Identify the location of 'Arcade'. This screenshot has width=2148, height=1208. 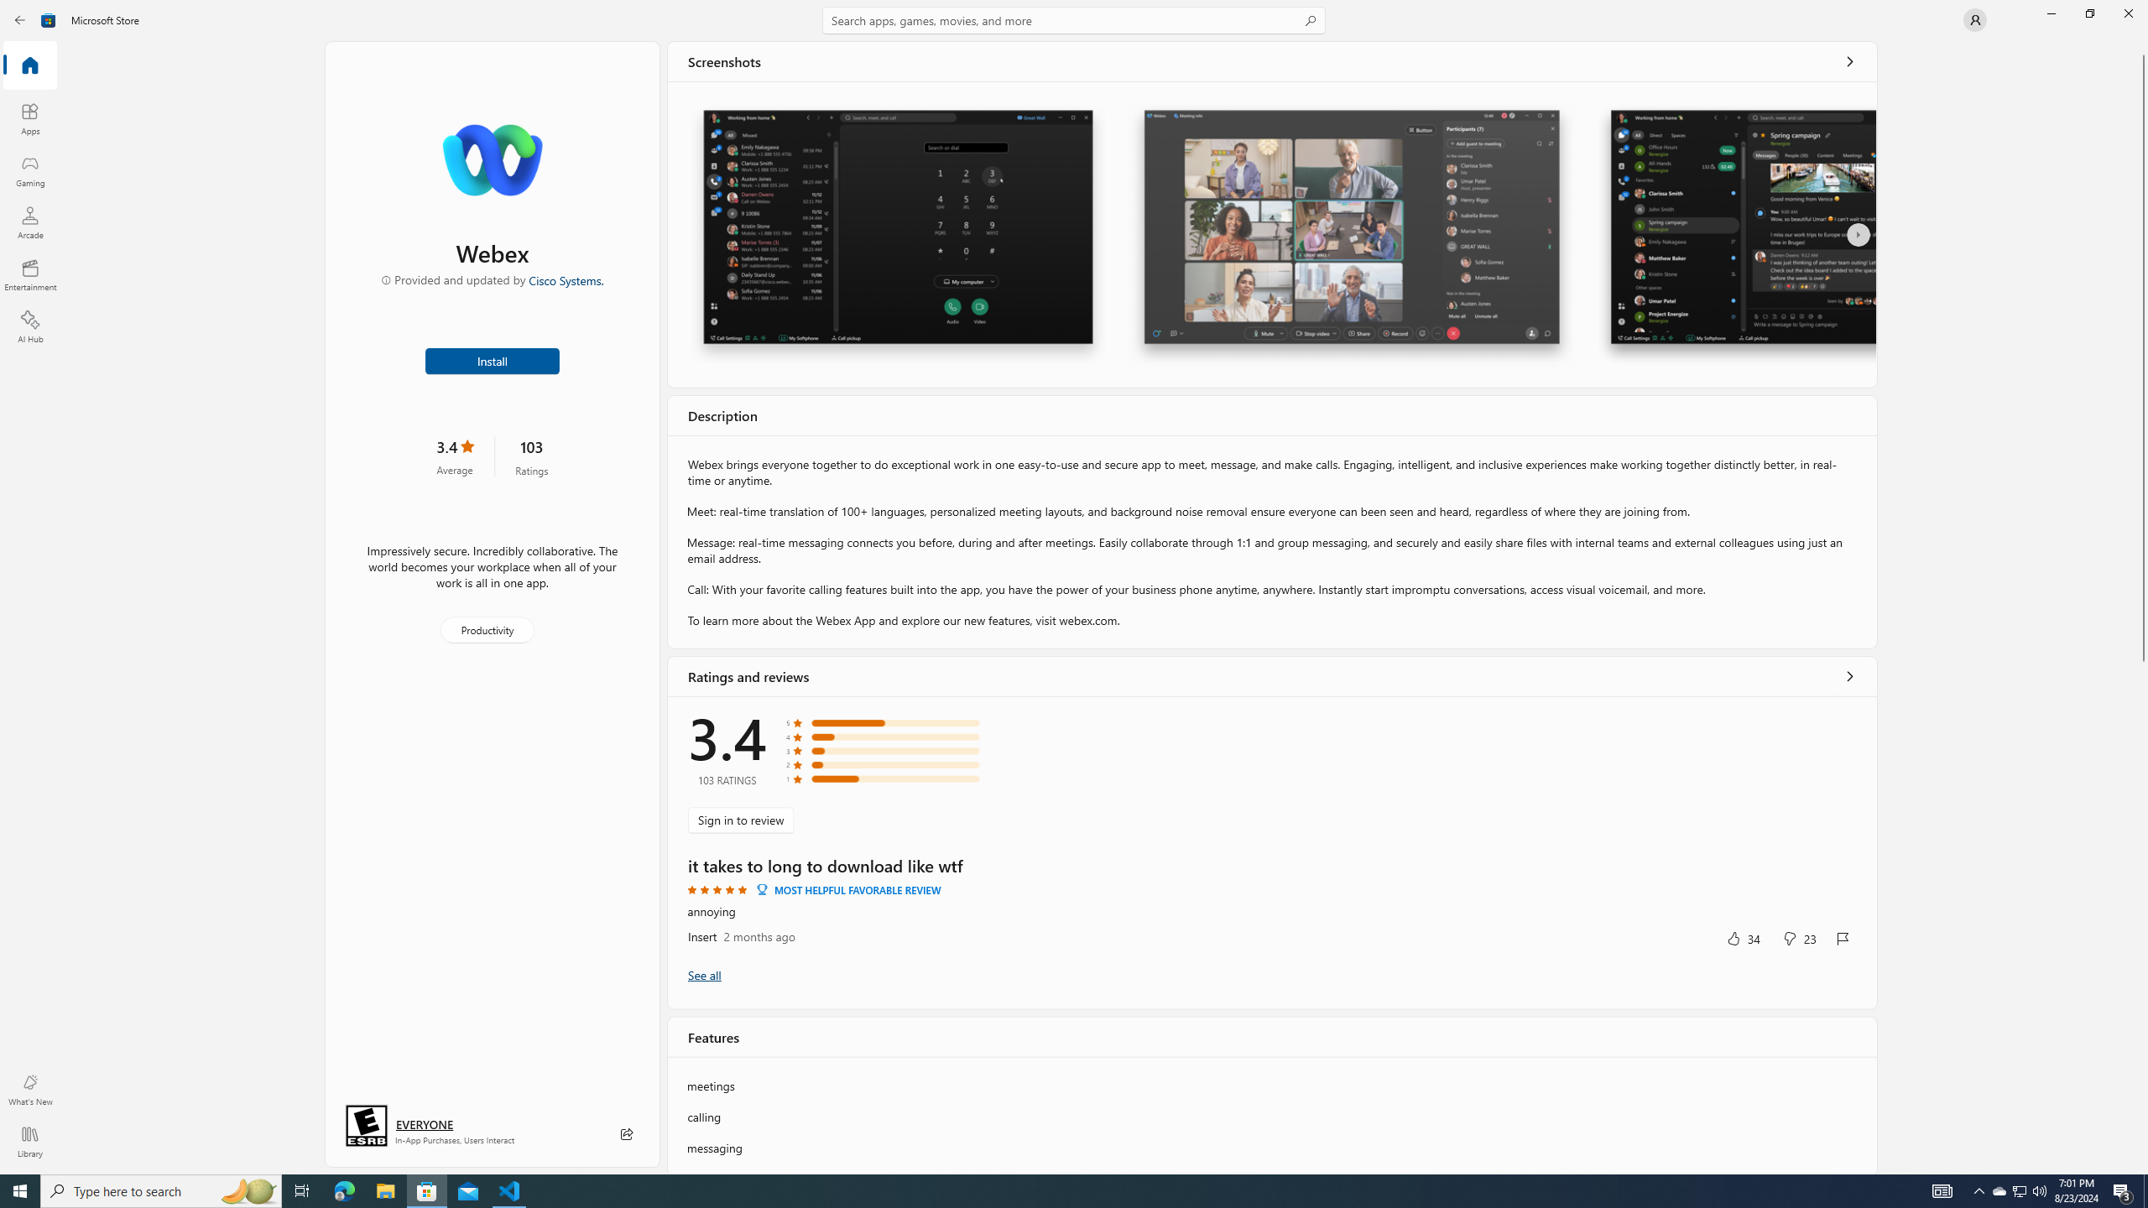
(29, 221).